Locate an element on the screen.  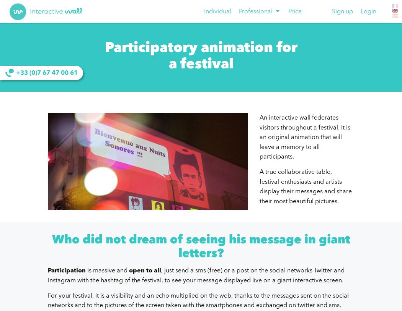
'Who did not dream of seeing his message in giant letters?' is located at coordinates (200, 246).